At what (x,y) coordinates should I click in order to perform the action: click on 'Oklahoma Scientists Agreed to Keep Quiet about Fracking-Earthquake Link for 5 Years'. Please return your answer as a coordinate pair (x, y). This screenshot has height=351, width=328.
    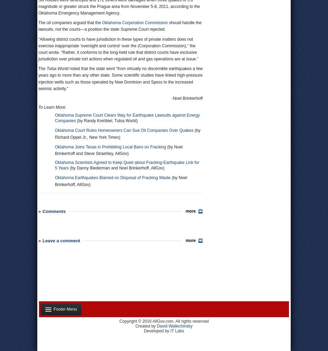
    Looking at the image, I should click on (127, 165).